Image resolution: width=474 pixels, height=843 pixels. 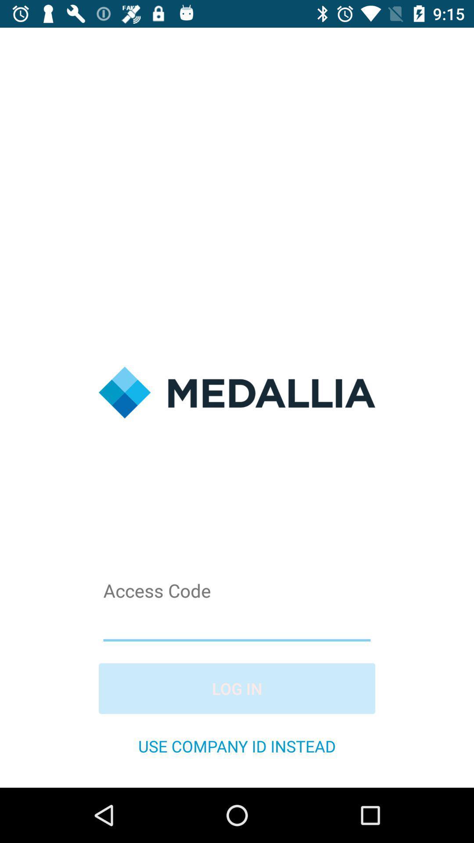 What do you see at coordinates (237, 623) in the screenshot?
I see `access code` at bounding box center [237, 623].